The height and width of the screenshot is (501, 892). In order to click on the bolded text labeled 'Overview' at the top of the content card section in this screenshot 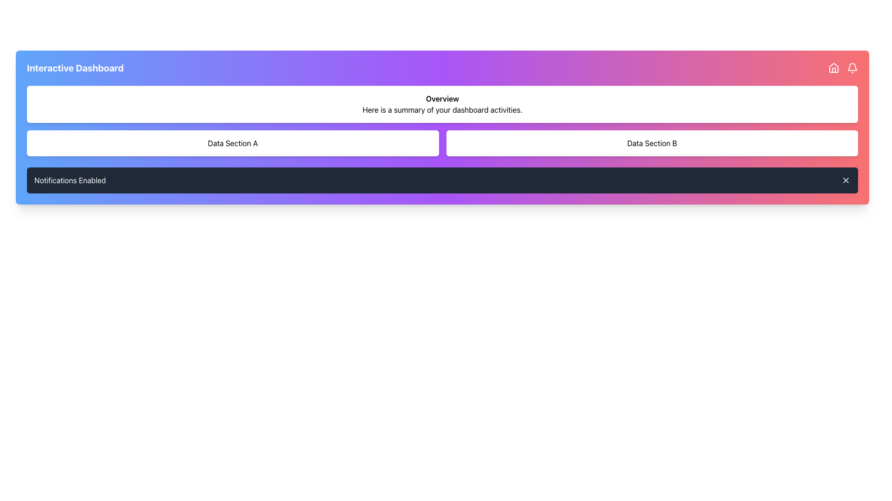, I will do `click(442, 98)`.